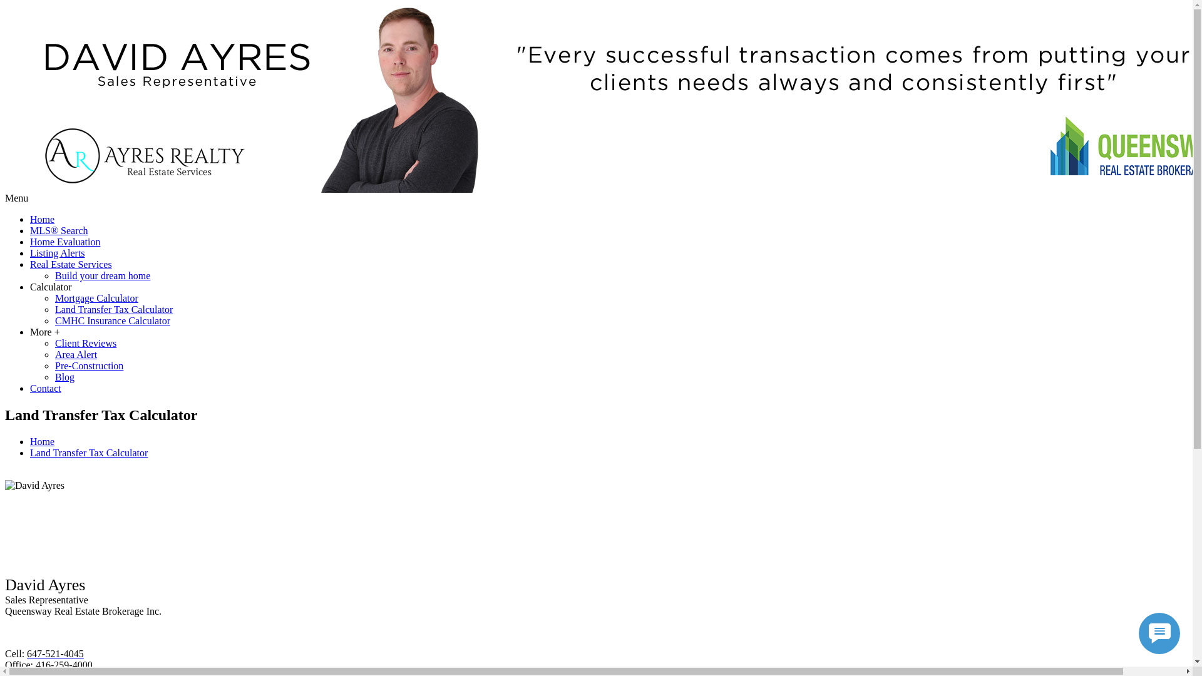 This screenshot has width=1202, height=676. What do you see at coordinates (30, 264) in the screenshot?
I see `'Real Estate Services'` at bounding box center [30, 264].